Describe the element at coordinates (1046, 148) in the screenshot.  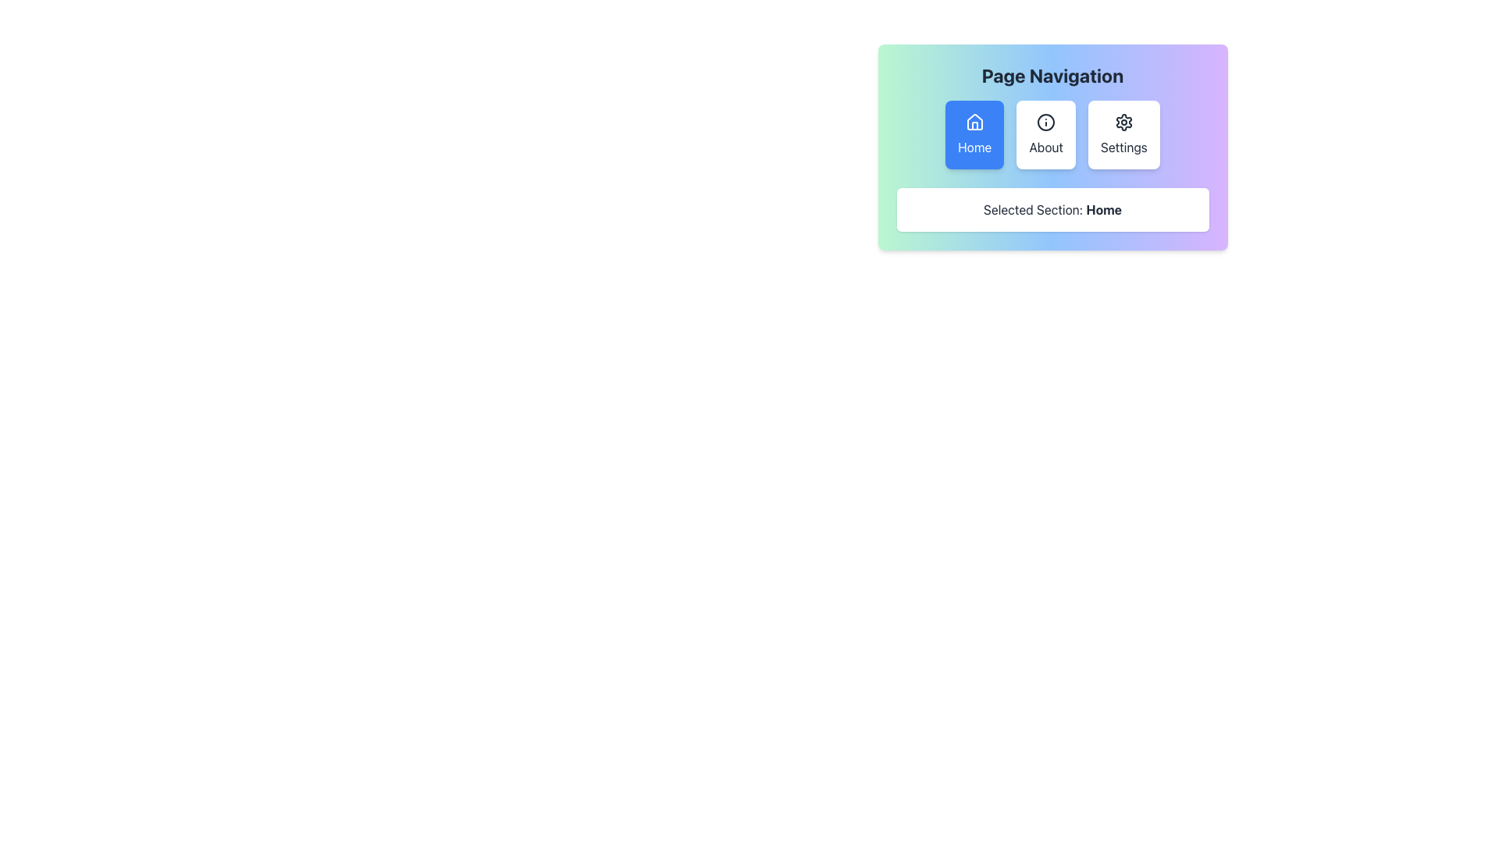
I see `the button containing the 'About' text label` at that location.